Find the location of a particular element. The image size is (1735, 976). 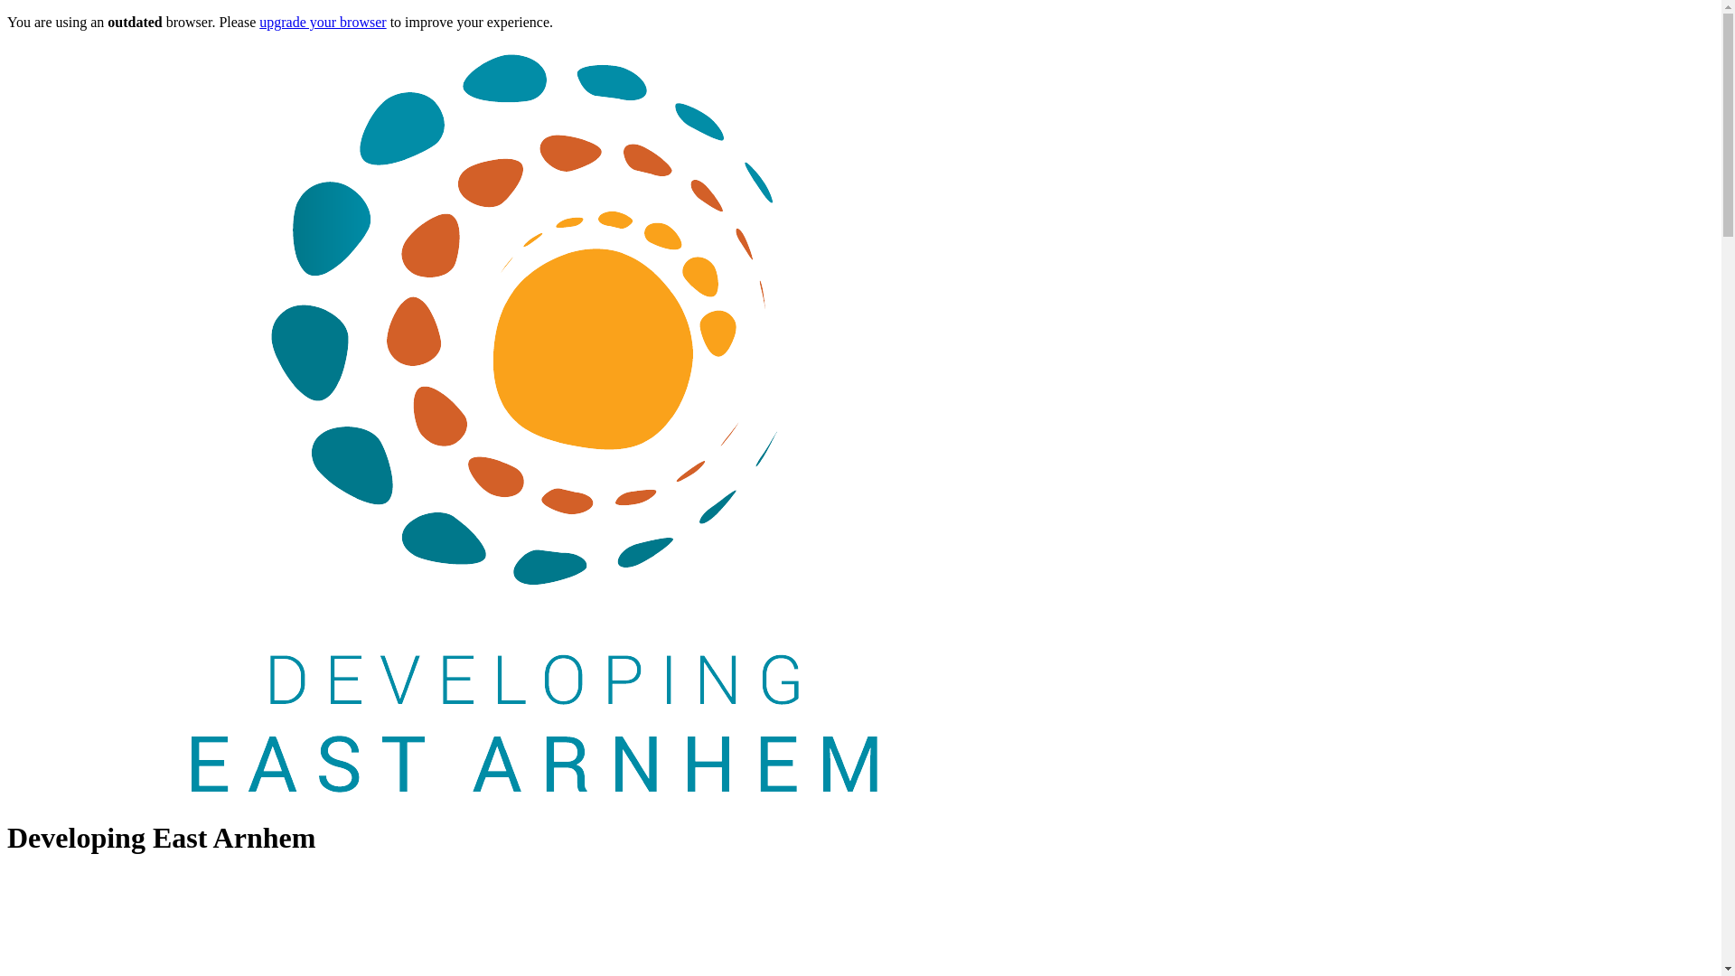

'upgrade your browser' is located at coordinates (258, 22).